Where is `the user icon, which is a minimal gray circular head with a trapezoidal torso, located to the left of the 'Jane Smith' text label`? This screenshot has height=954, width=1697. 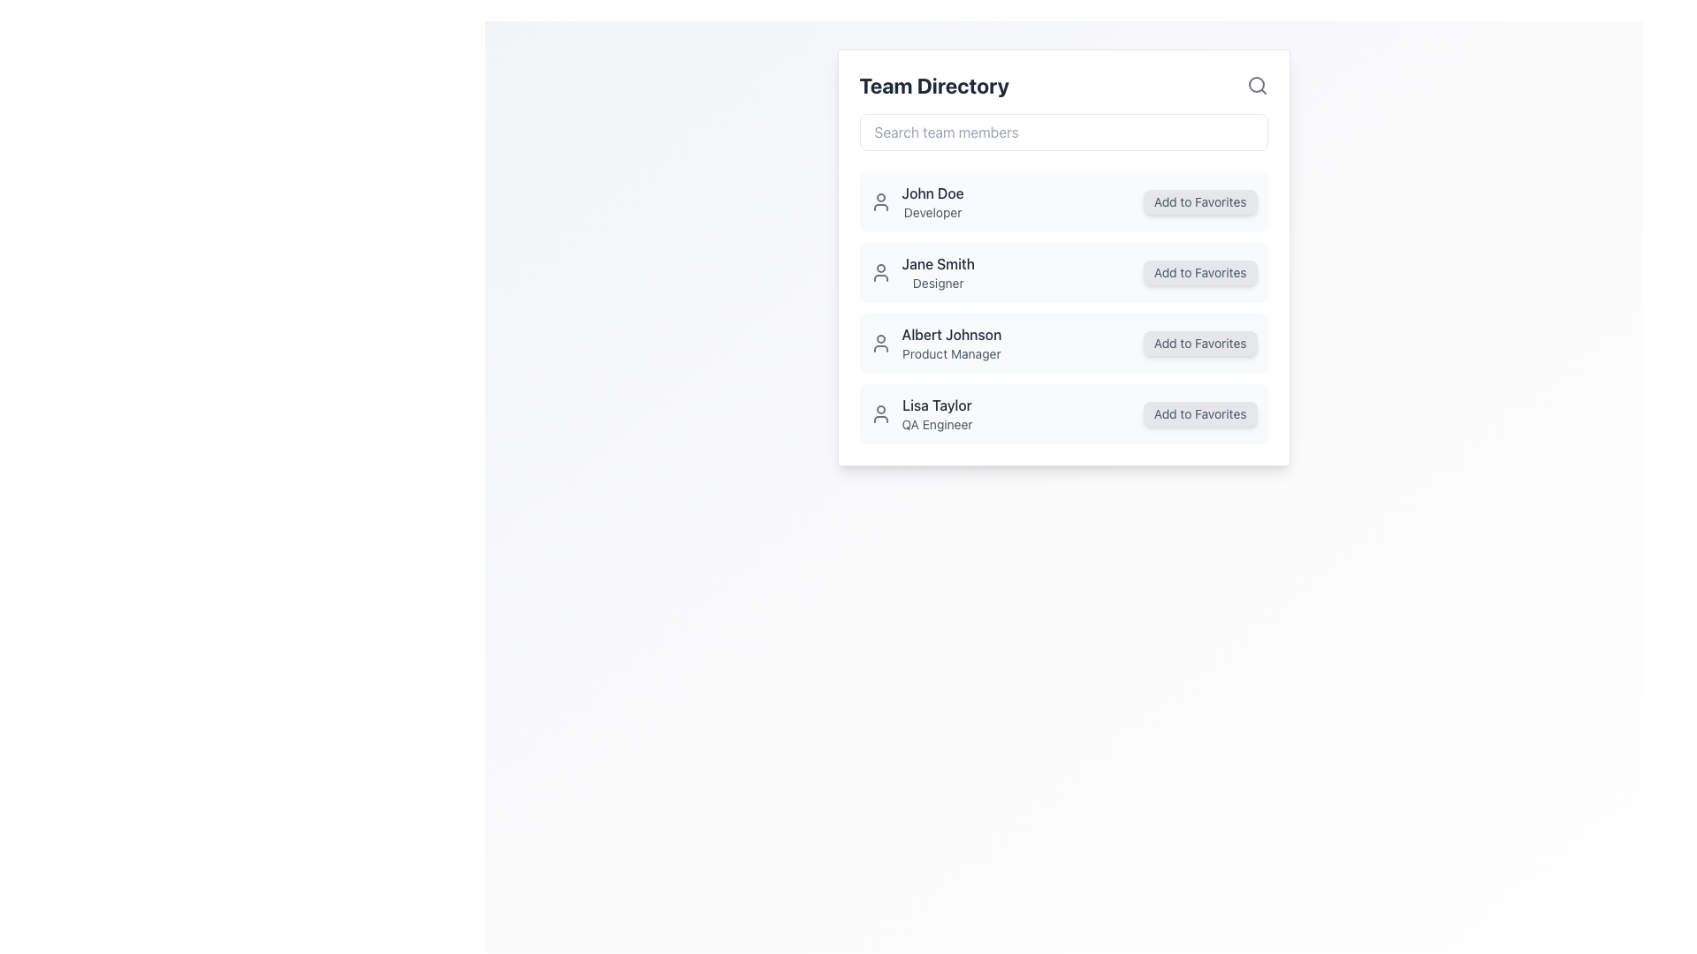 the user icon, which is a minimal gray circular head with a trapezoidal torso, located to the left of the 'Jane Smith' text label is located at coordinates (880, 272).